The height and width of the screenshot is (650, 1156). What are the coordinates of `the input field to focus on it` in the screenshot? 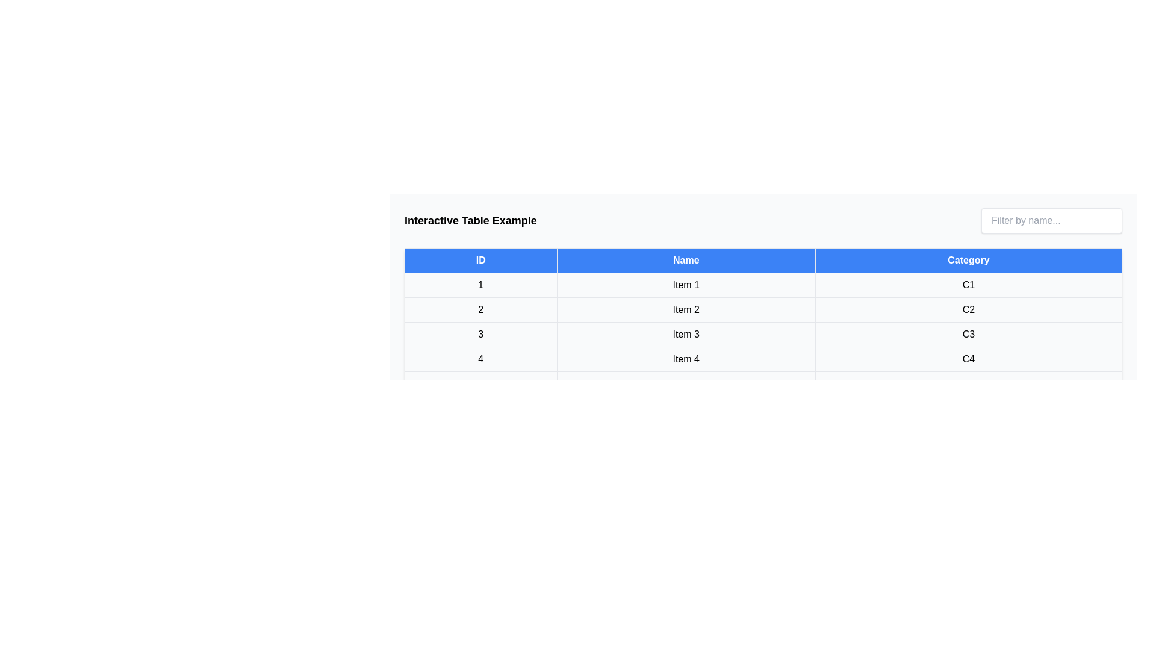 It's located at (1051, 220).